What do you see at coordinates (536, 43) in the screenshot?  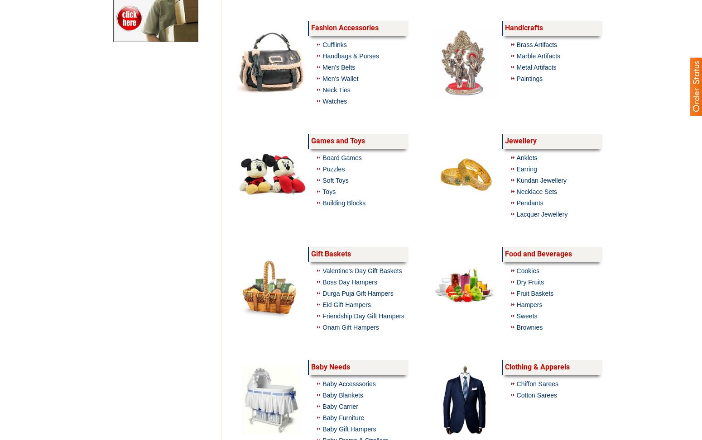 I see `'Brass Artifacts'` at bounding box center [536, 43].